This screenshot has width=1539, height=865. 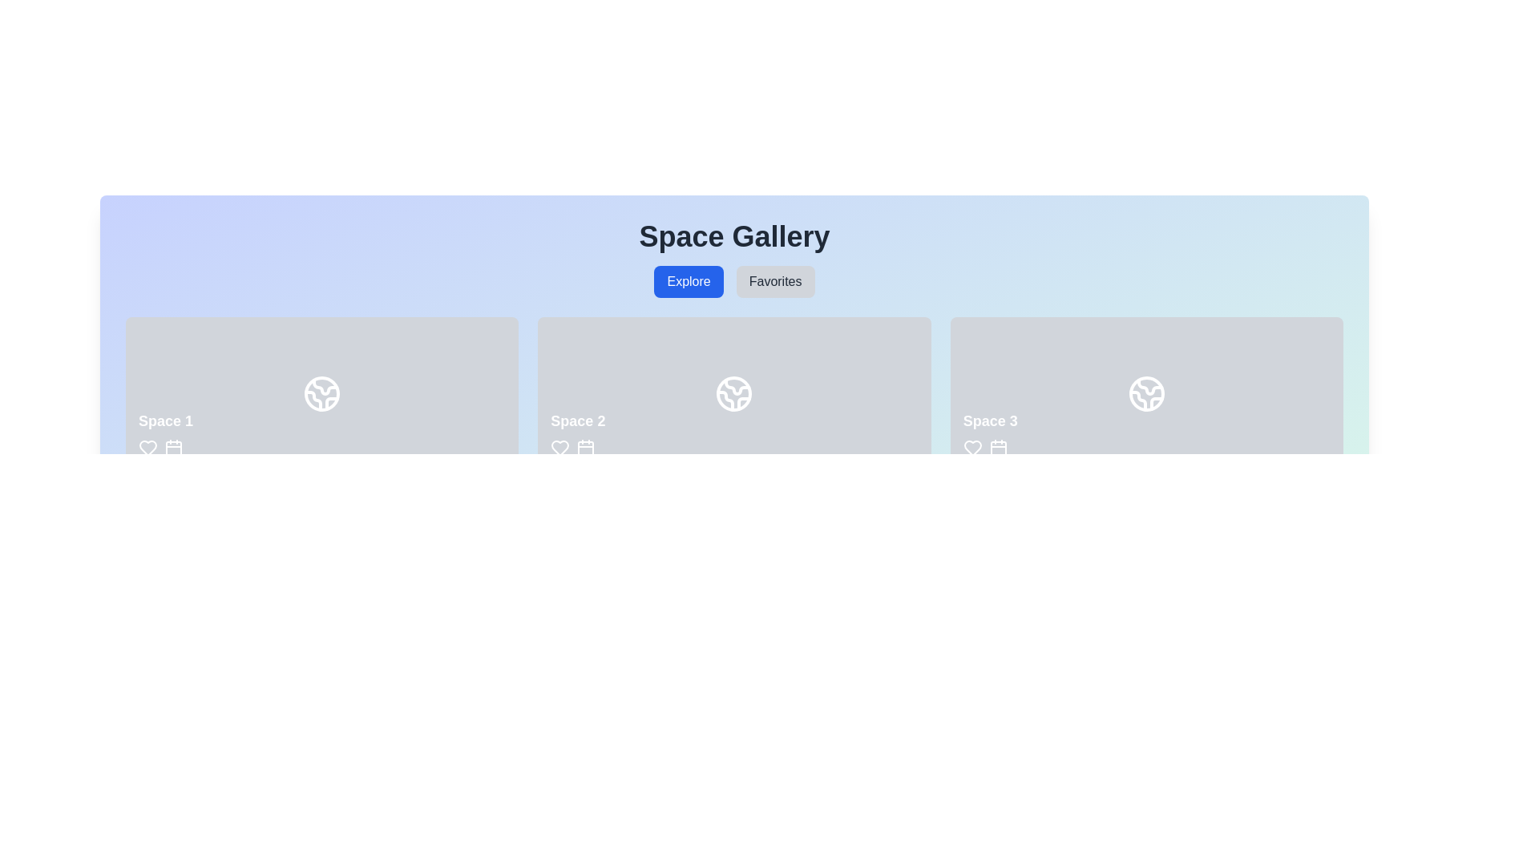 What do you see at coordinates (971, 448) in the screenshot?
I see `the heart icon located in the bottom-left corner of 'Space 3'` at bounding box center [971, 448].